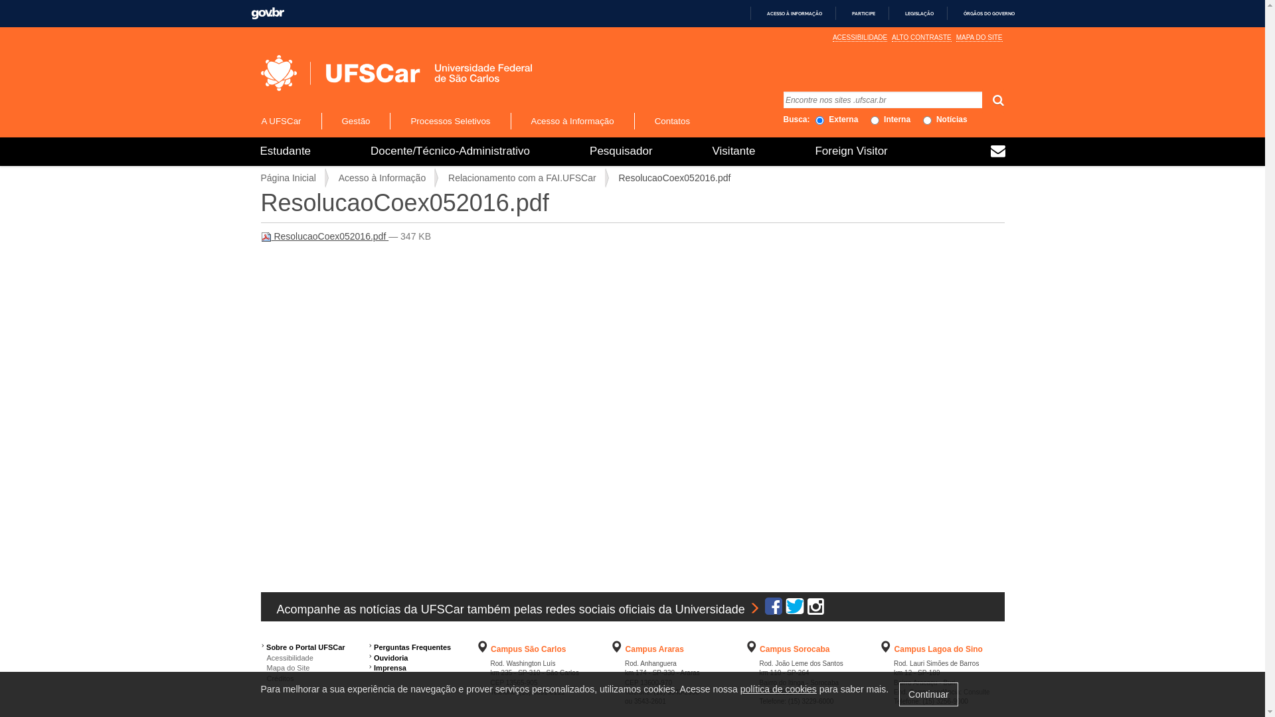 This screenshot has width=1275, height=717. What do you see at coordinates (938, 649) in the screenshot?
I see `'Campus Lagoa do Sino'` at bounding box center [938, 649].